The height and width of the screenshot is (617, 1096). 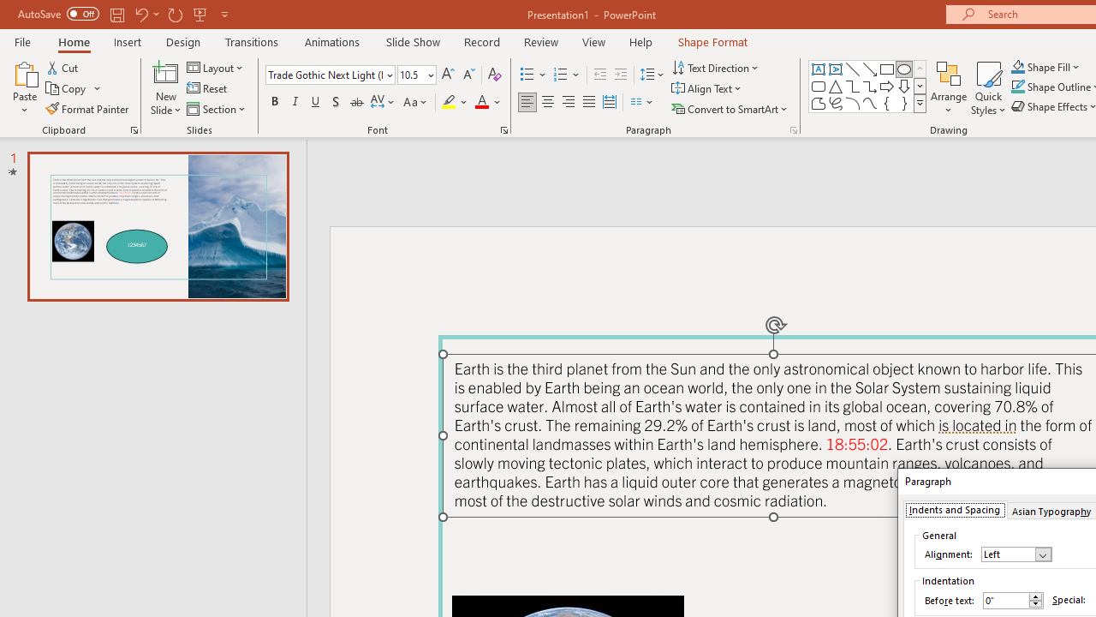 I want to click on 'Shape Outline Teal, Accent 1', so click(x=1018, y=87).